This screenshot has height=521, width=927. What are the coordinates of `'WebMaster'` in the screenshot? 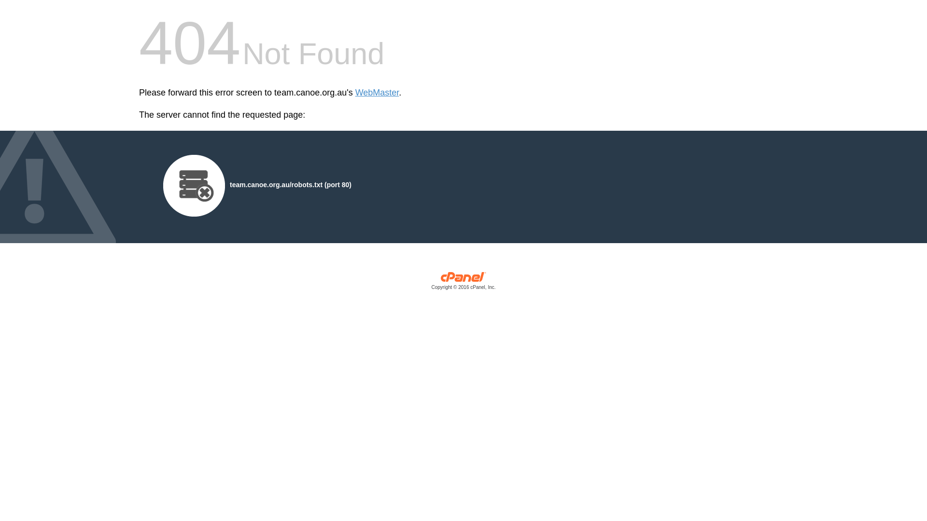 It's located at (354, 93).